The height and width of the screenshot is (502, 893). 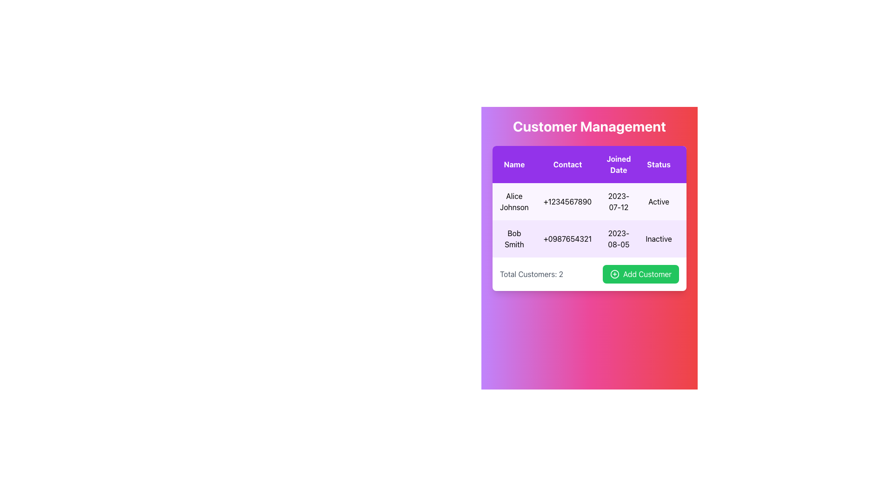 I want to click on the edit icon located, so click(x=694, y=201).